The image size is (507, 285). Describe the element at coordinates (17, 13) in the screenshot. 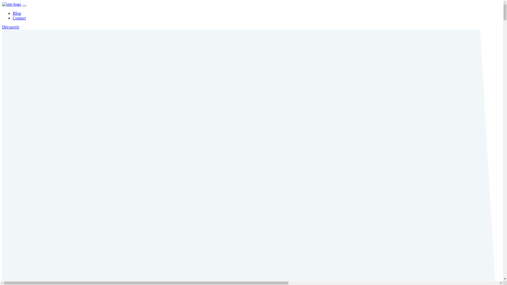

I see `'Blog'` at that location.